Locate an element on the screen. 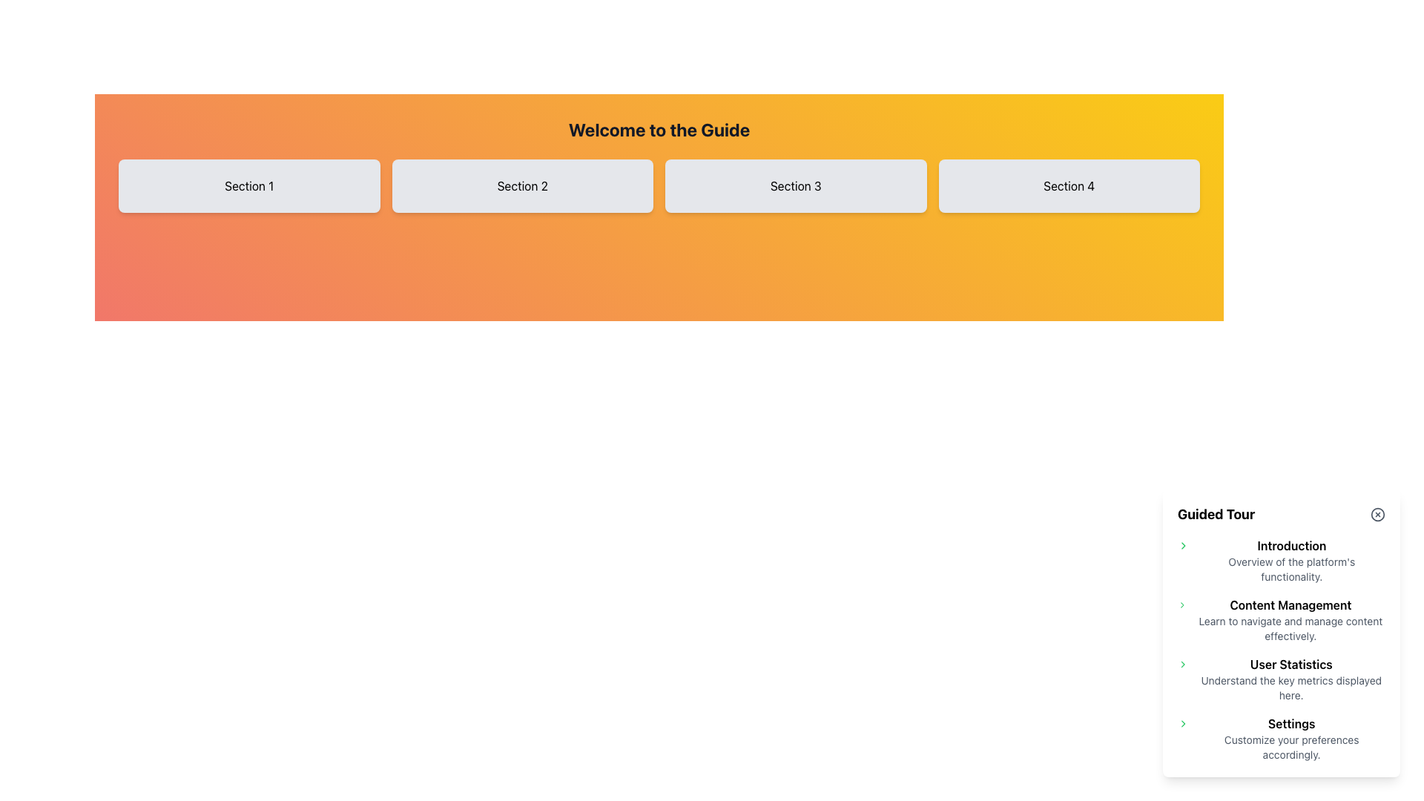 The width and height of the screenshot is (1424, 801). text label displaying 'Settings' which is a bold dark-colored label located in the 'Guided Tour' card below 'User Statistics' is located at coordinates (1290, 722).